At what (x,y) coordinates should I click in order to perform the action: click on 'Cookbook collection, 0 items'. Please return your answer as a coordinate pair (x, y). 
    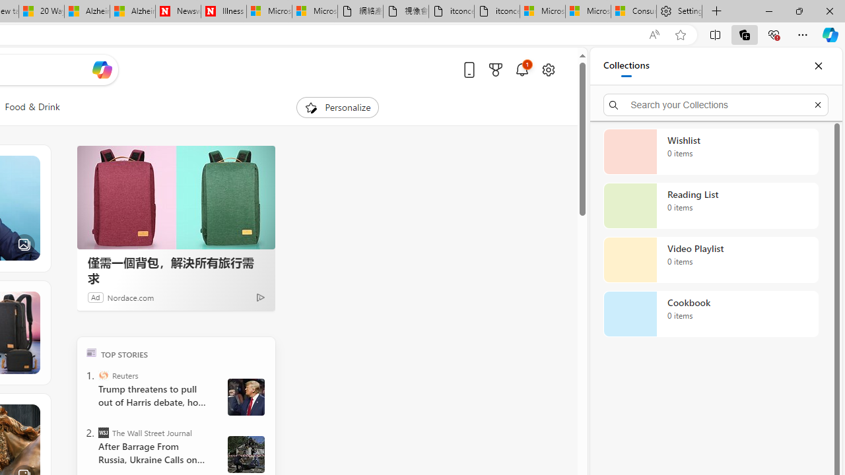
    Looking at the image, I should click on (710, 313).